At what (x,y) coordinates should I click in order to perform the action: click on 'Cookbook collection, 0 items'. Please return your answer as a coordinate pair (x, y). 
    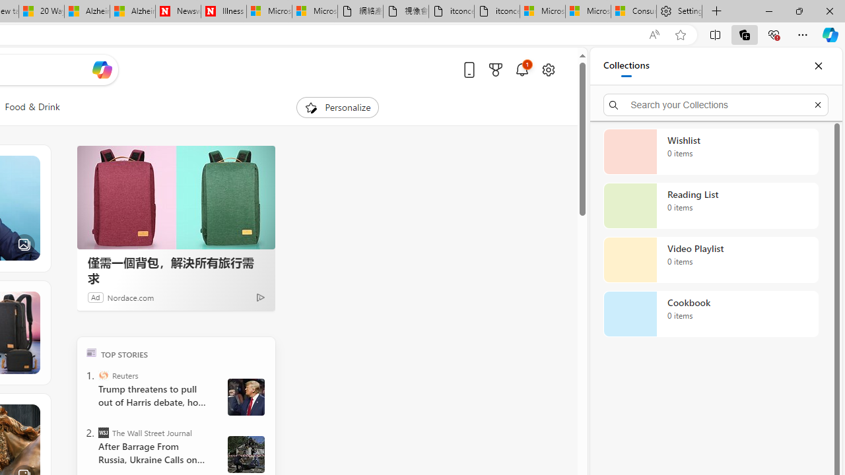
    Looking at the image, I should click on (710, 313).